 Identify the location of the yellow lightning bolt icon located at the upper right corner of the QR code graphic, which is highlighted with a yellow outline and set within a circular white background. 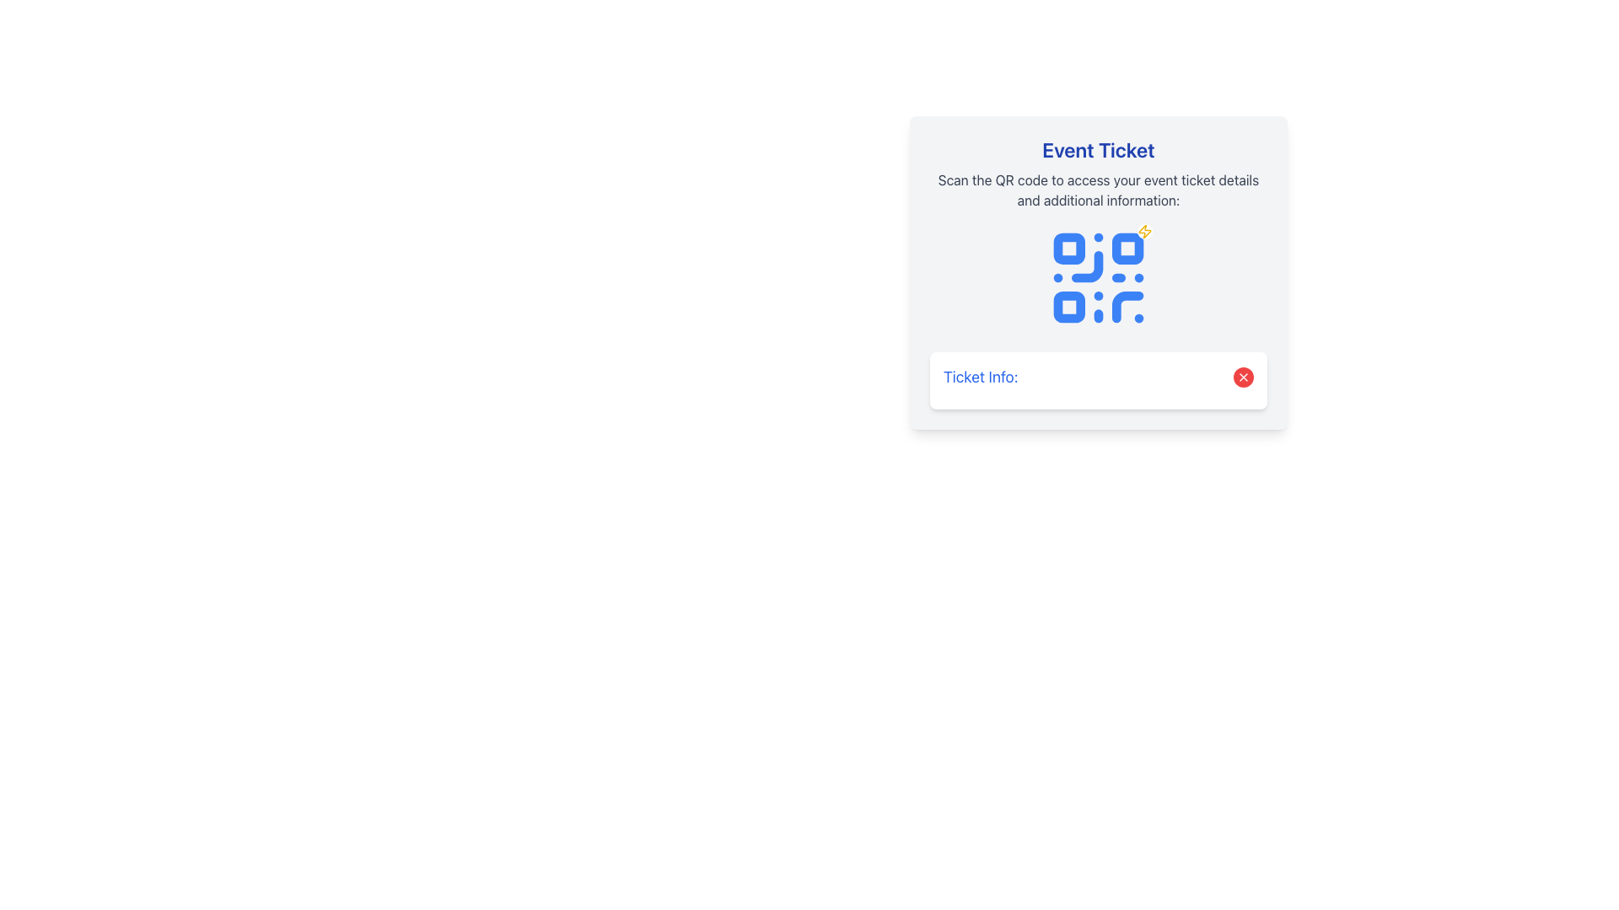
(1145, 231).